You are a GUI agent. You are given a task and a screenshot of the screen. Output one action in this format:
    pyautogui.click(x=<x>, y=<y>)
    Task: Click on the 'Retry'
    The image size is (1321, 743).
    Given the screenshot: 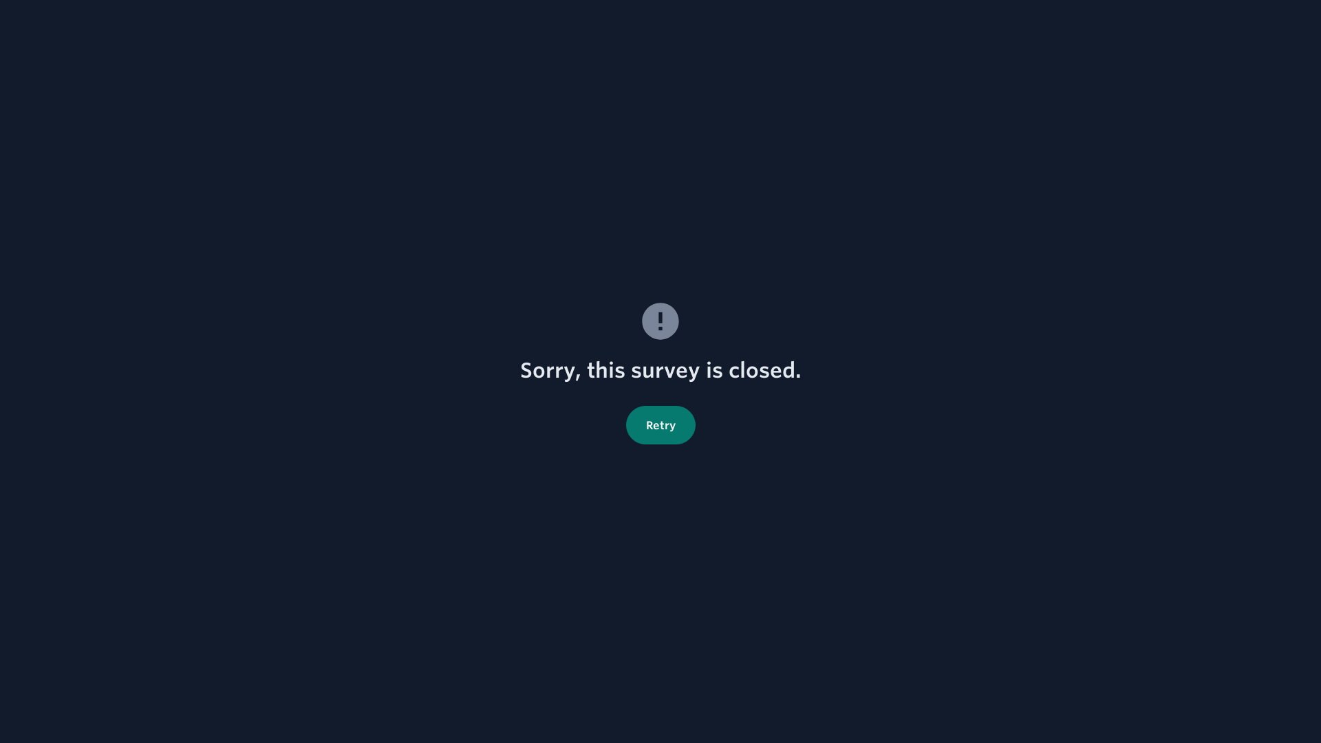 What is the action you would take?
    pyautogui.click(x=660, y=424)
    